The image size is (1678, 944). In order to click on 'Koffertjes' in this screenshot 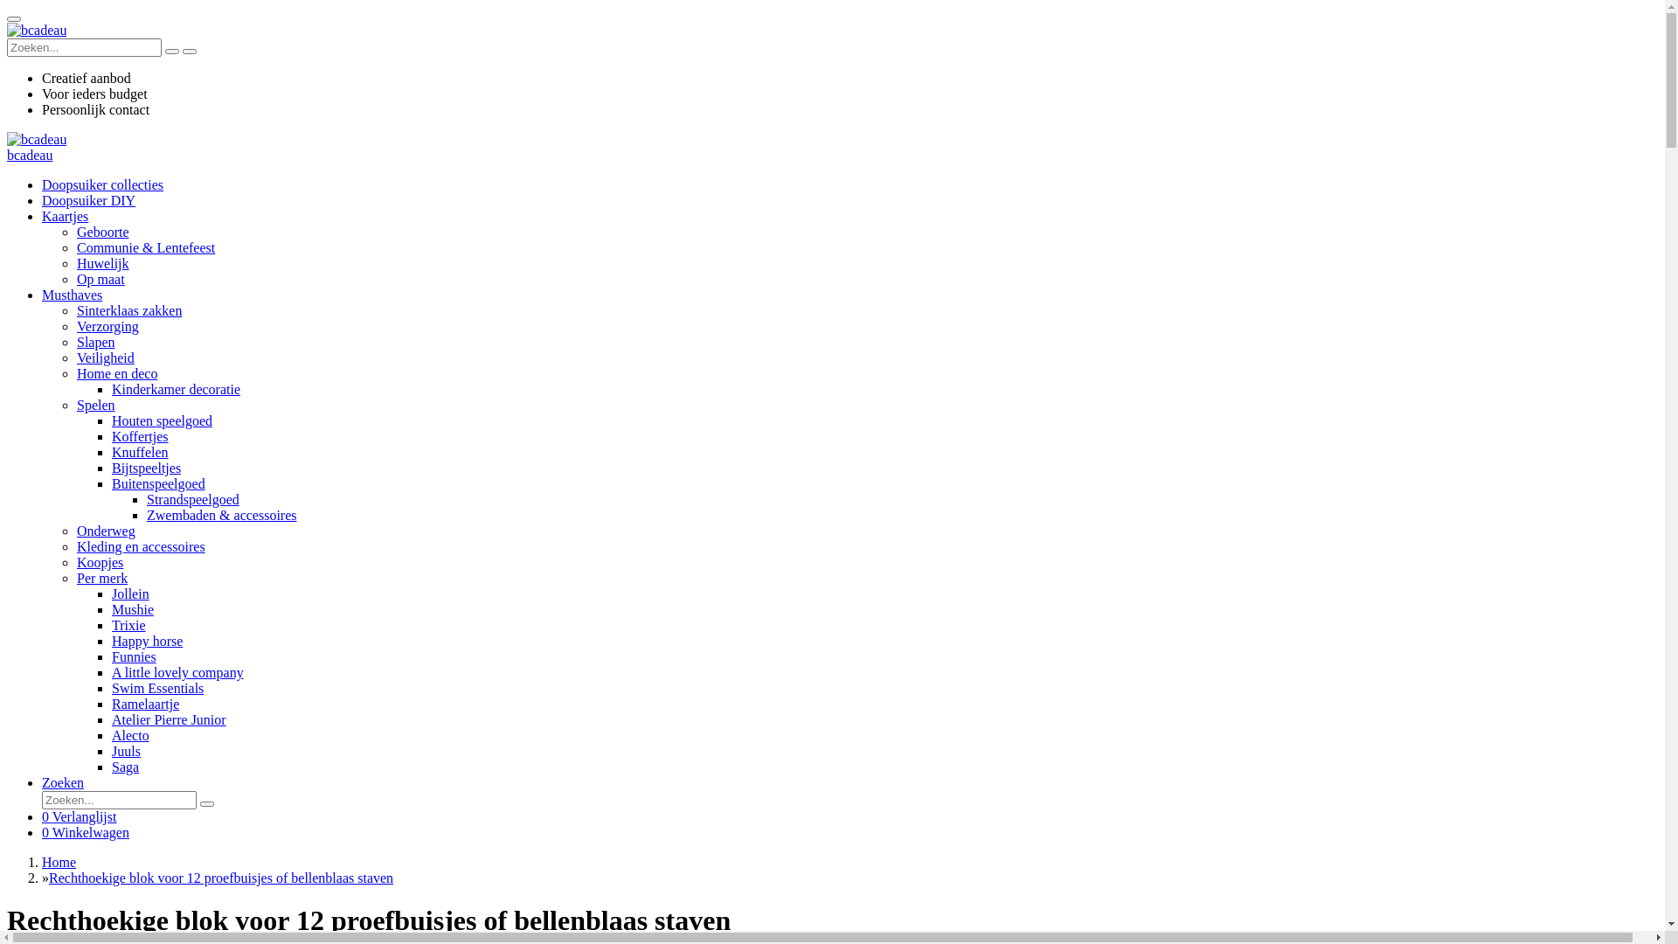, I will do `click(140, 435)`.